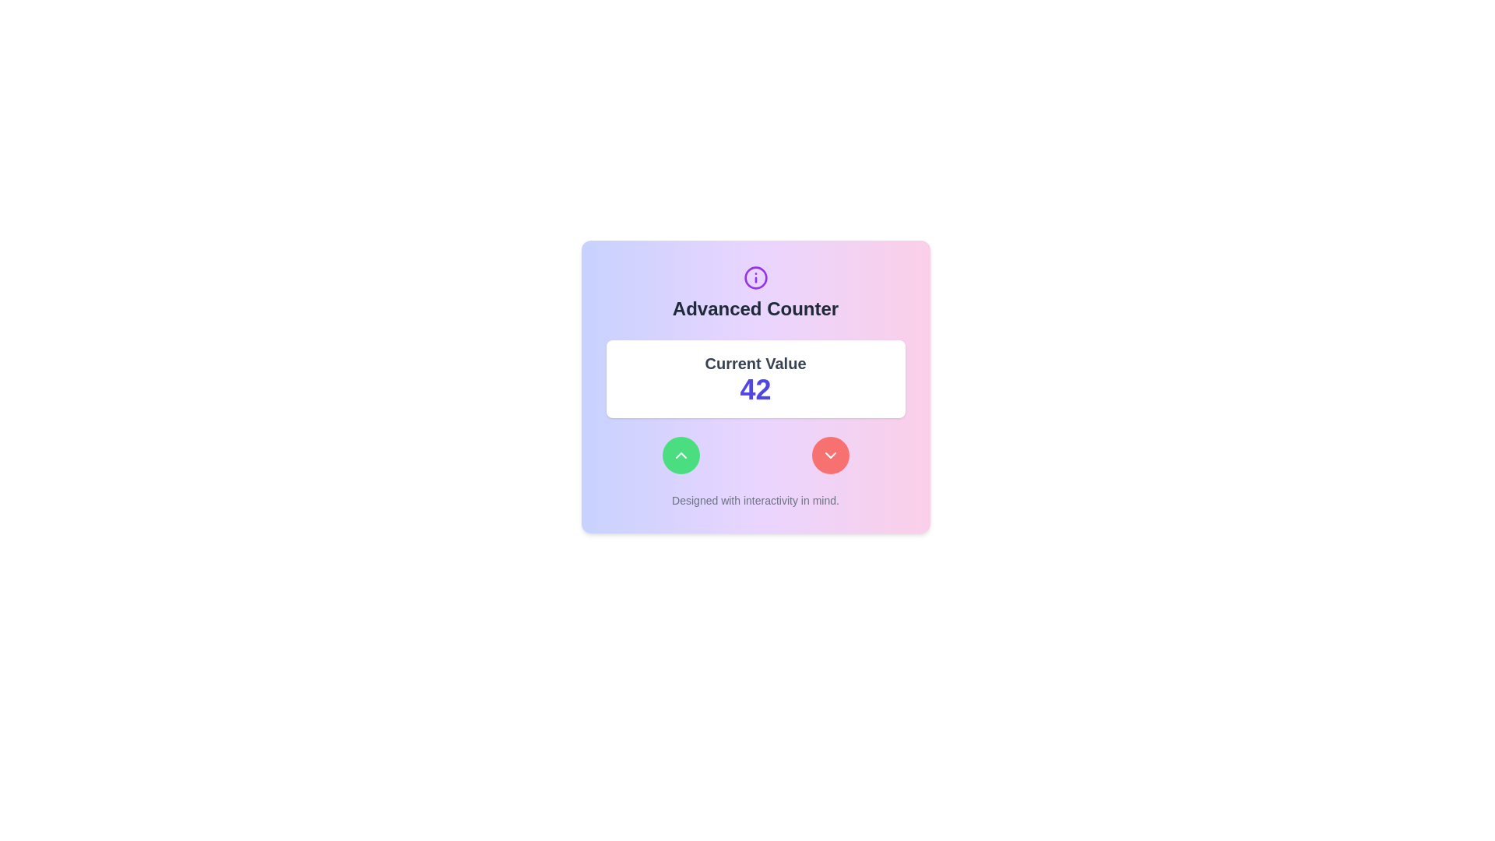 This screenshot has height=841, width=1495. Describe the element at coordinates (755, 277) in the screenshot. I see `the circular information icon with a purple outline located above the 'Advanced Counter' heading` at that location.